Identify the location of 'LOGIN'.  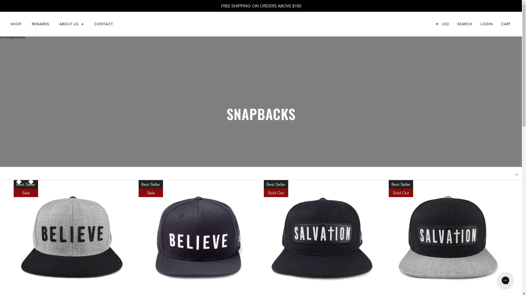
(487, 24).